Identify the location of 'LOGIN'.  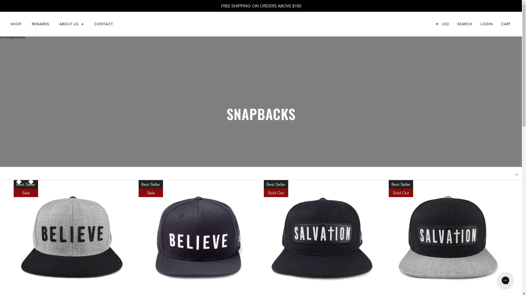
(487, 24).